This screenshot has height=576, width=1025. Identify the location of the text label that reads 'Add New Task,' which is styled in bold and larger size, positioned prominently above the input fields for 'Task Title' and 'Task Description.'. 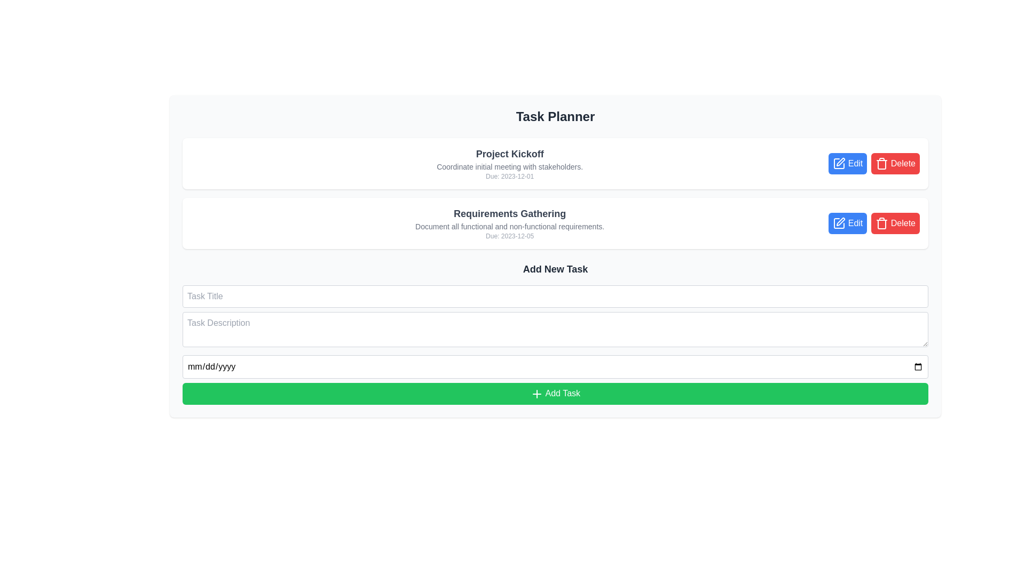
(555, 269).